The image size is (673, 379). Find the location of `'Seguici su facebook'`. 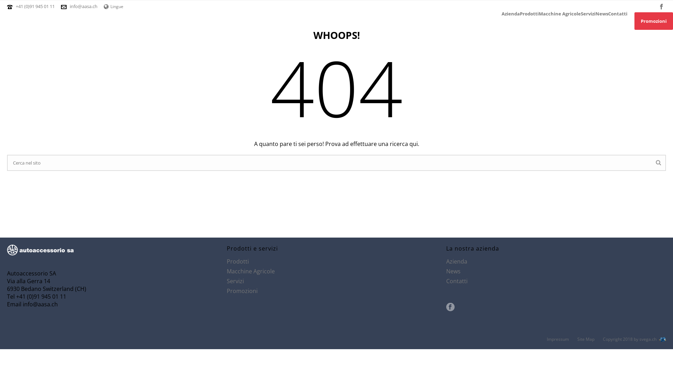

'Seguici su facebook' is located at coordinates (450, 307).